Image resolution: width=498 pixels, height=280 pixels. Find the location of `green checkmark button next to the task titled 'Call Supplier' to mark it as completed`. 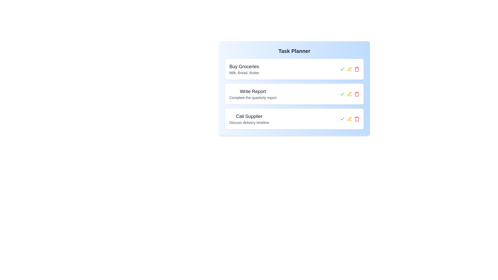

green checkmark button next to the task titled 'Call Supplier' to mark it as completed is located at coordinates (342, 119).